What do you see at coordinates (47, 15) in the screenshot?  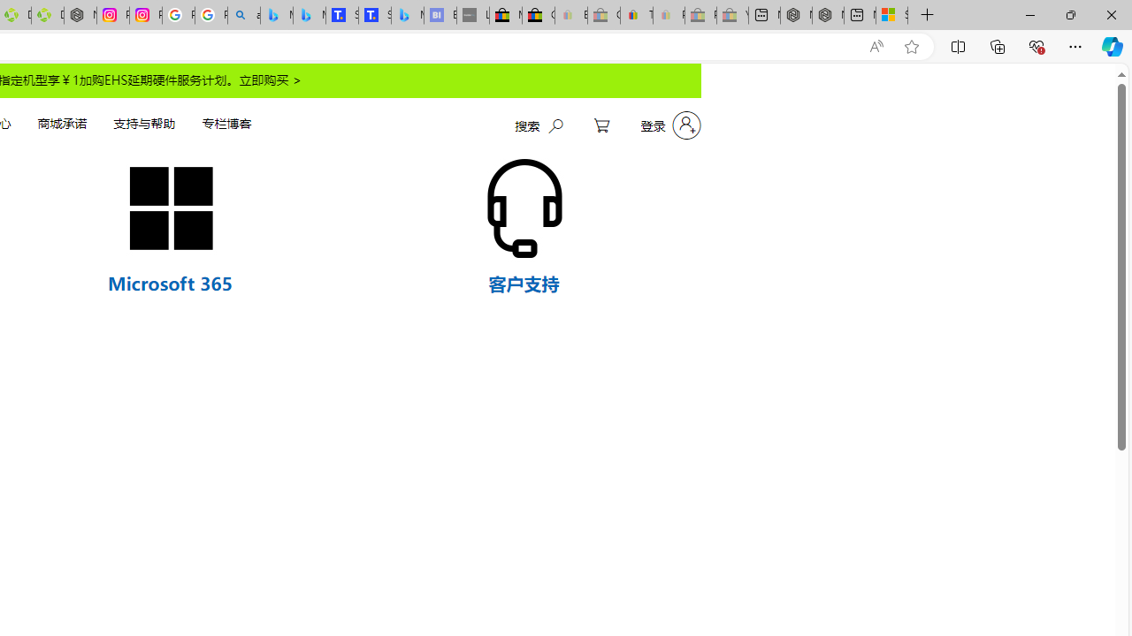 I see `'Descarga Driver Updater'` at bounding box center [47, 15].